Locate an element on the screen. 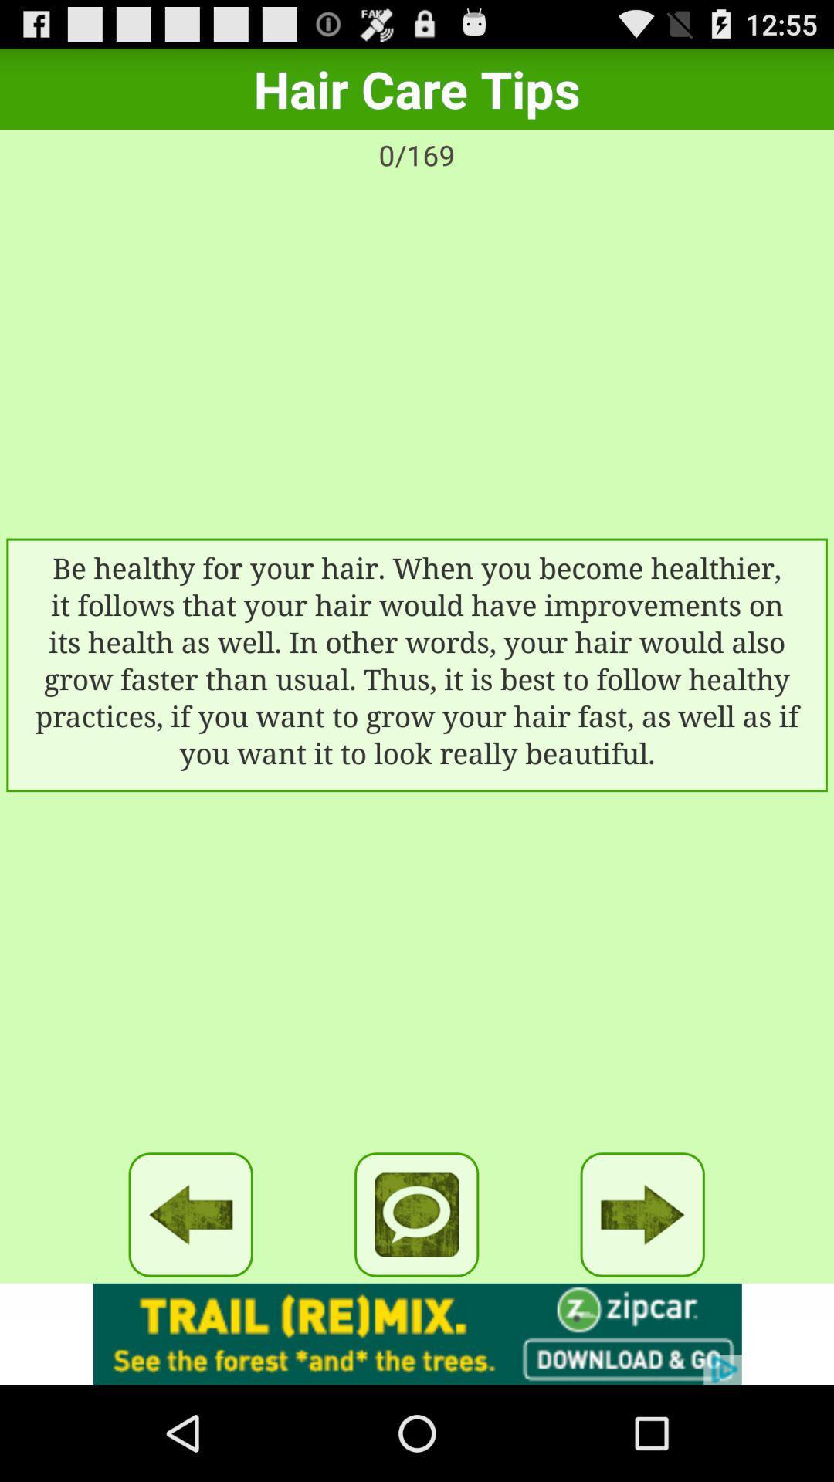 This screenshot has height=1482, width=834. back page button is located at coordinates (190, 1213).